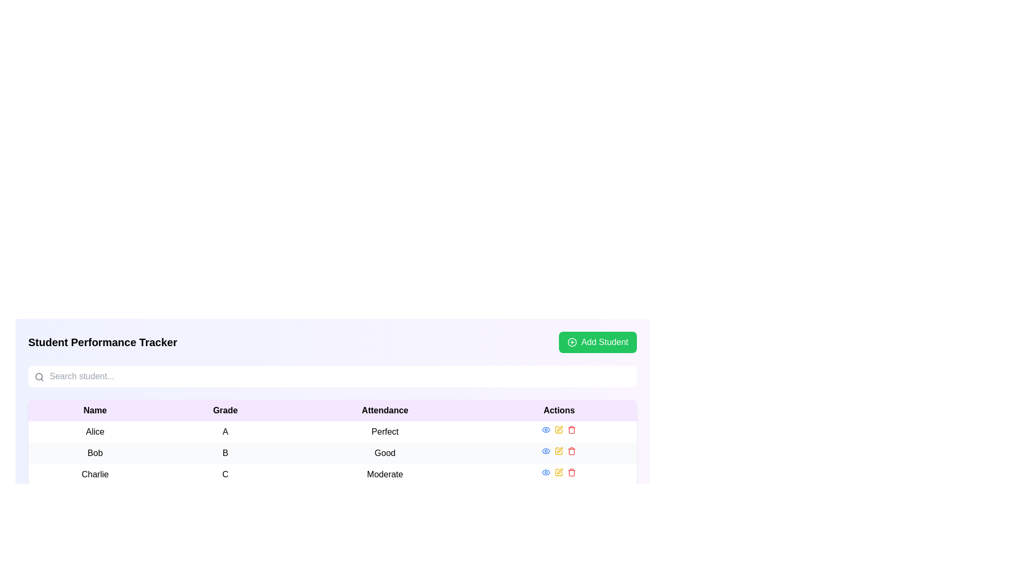 This screenshot has height=576, width=1025. I want to click on the non-interactive Text label displaying the grade for the student 'Bob', which is the second item in the 'Grade' column of the table, so click(225, 453).